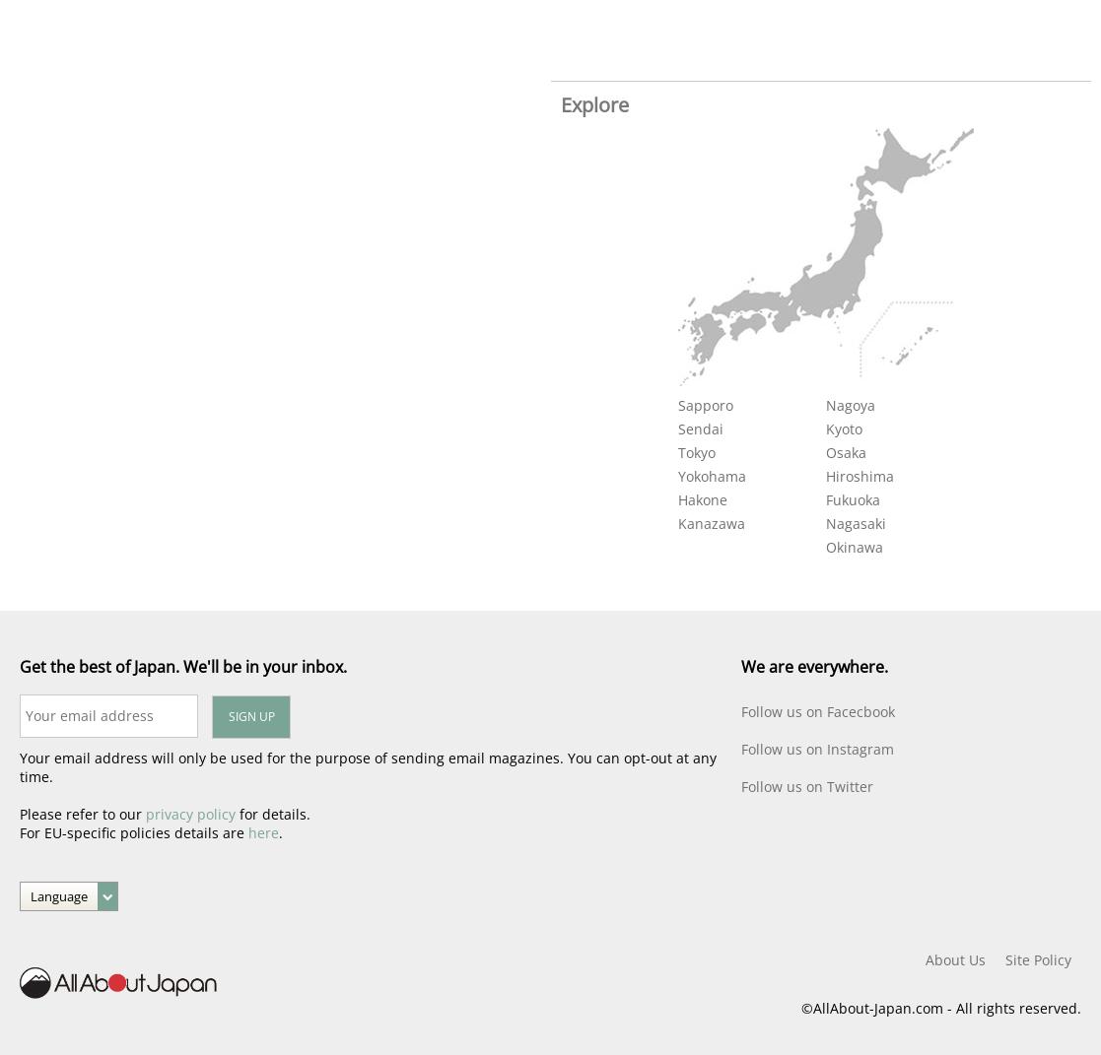  Describe the element at coordinates (19, 812) in the screenshot. I see `'Please refer to our'` at that location.